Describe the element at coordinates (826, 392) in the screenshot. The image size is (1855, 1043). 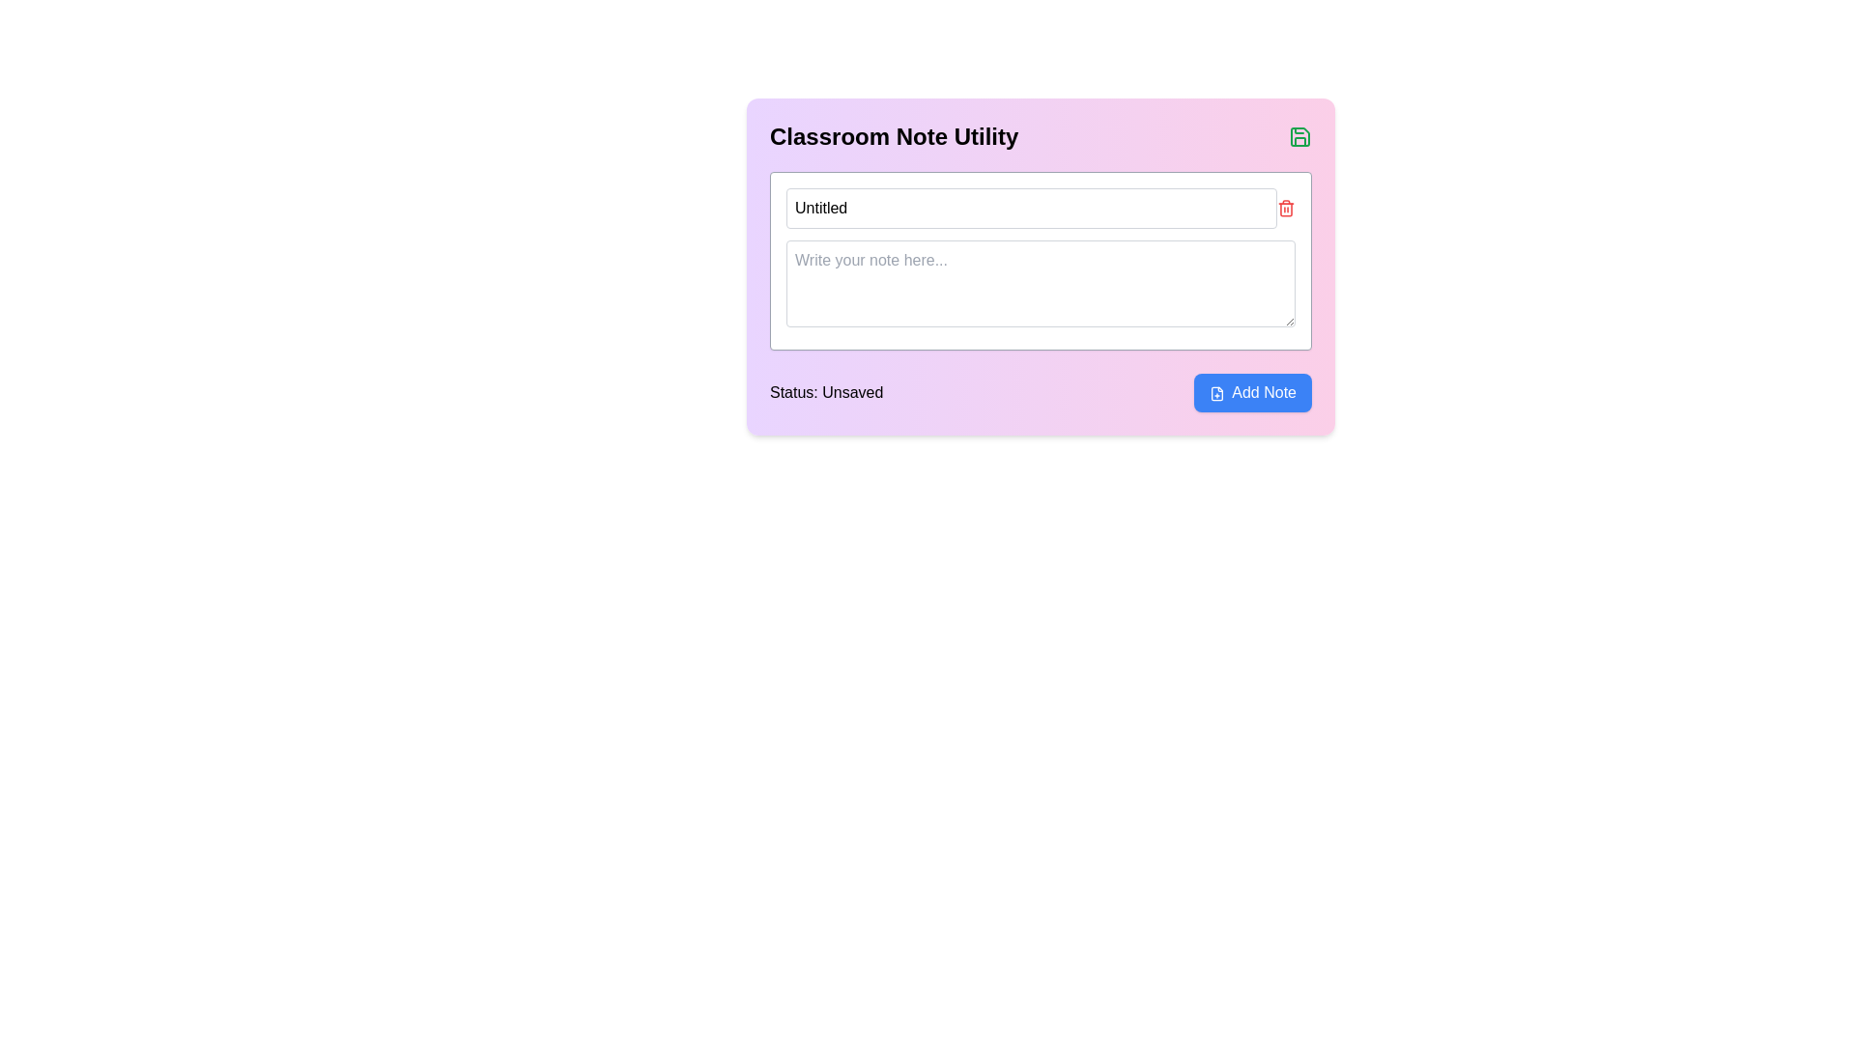
I see `the Static text display showing 'Status: Unsaved'` at that location.